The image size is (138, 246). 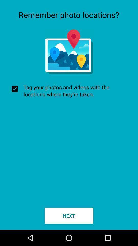 I want to click on tag your photos icon, so click(x=69, y=91).